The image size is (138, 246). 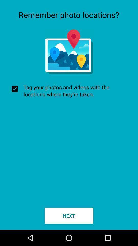 I want to click on tag your photos icon, so click(x=69, y=91).